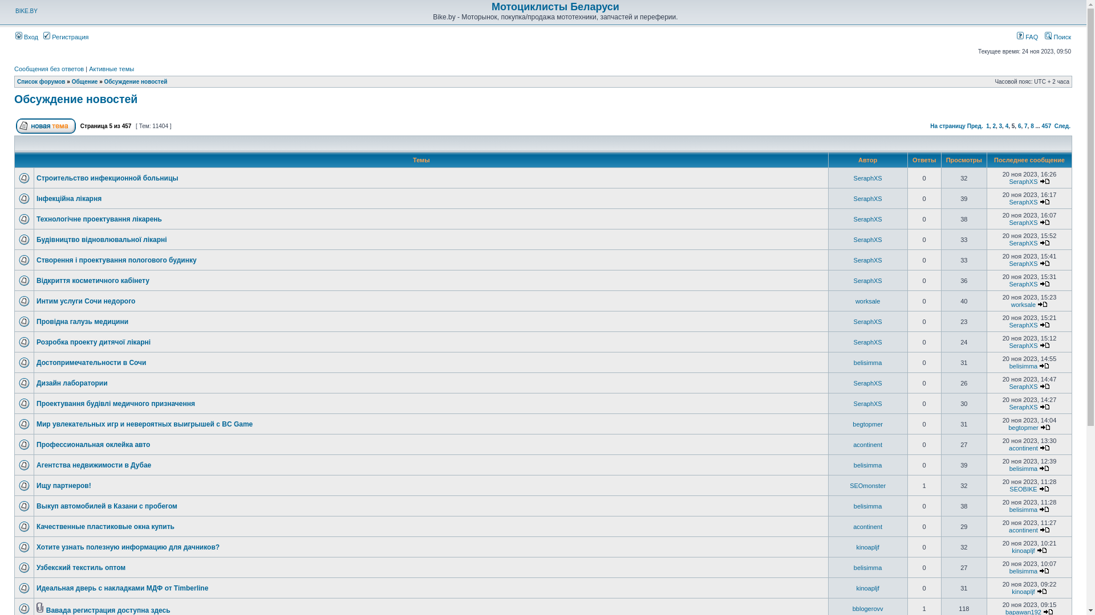 This screenshot has width=1095, height=615. I want to click on 'kinoapljf', so click(867, 588).